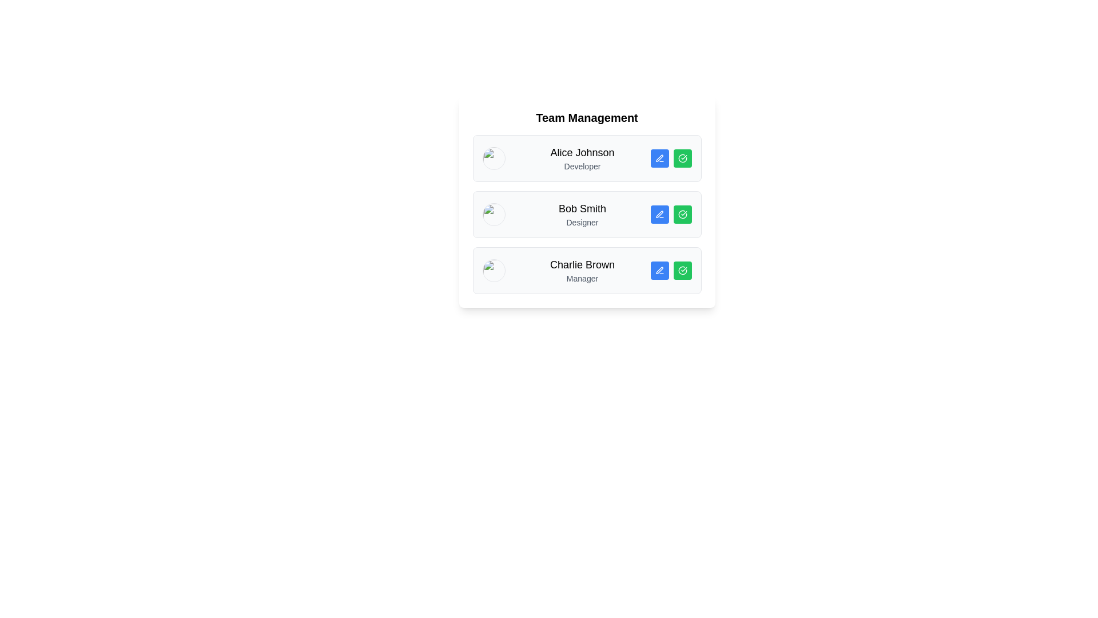 The width and height of the screenshot is (1098, 618). Describe the element at coordinates (587, 214) in the screenshot. I see `the Information card displaying user information for Bob Smith, which is the second card in a vertical list of three` at that location.